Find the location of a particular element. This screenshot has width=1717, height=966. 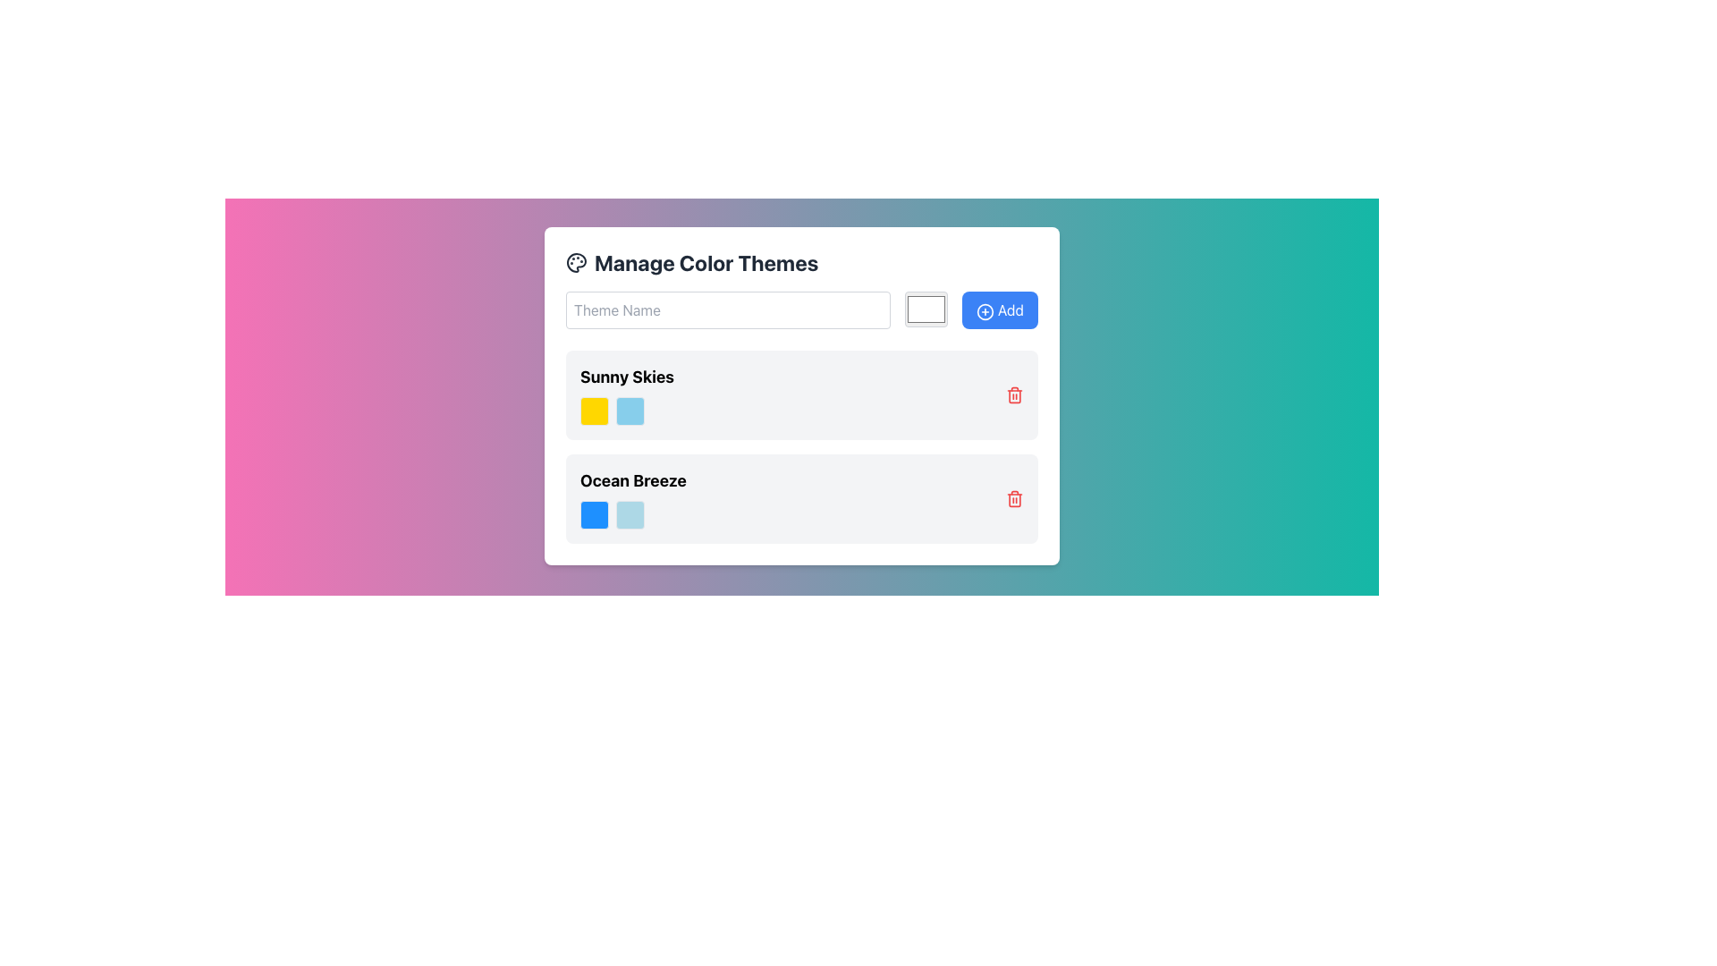

the Color Picker or Swatch in the 'Sunny Skies' section is located at coordinates (630, 411).